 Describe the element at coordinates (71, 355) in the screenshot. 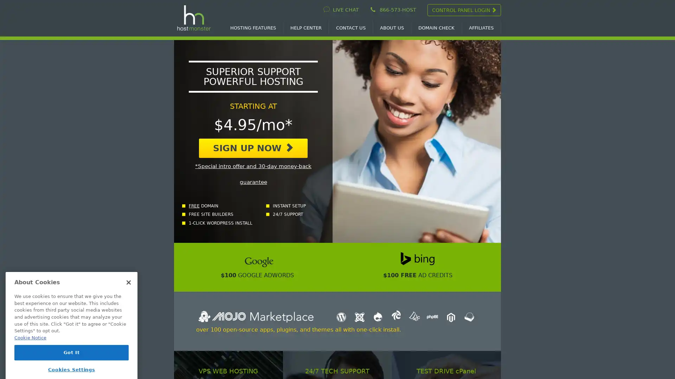

I see `Cookies Settings` at that location.